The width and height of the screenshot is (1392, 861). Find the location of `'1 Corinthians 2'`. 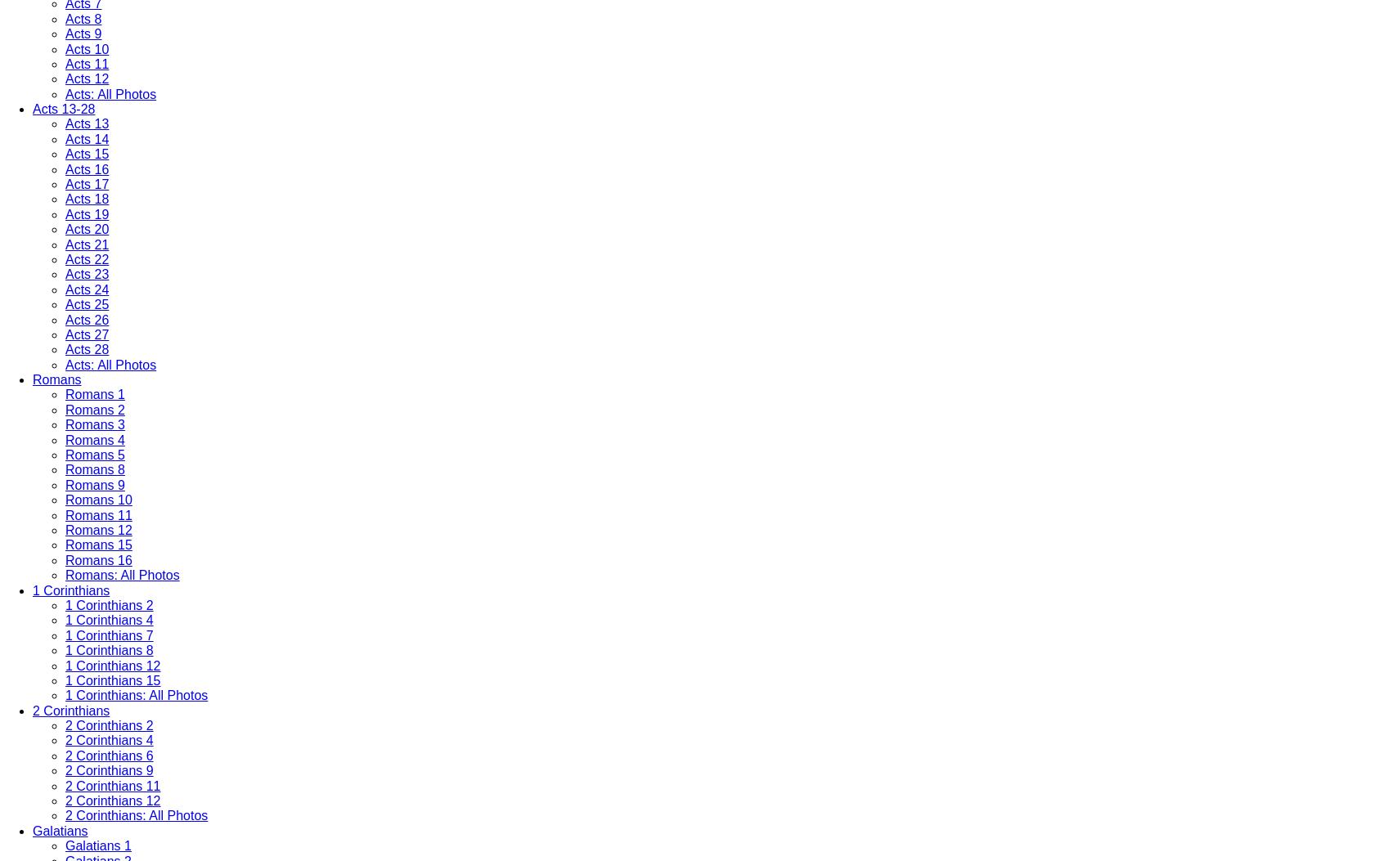

'1 Corinthians 2' is located at coordinates (109, 603).